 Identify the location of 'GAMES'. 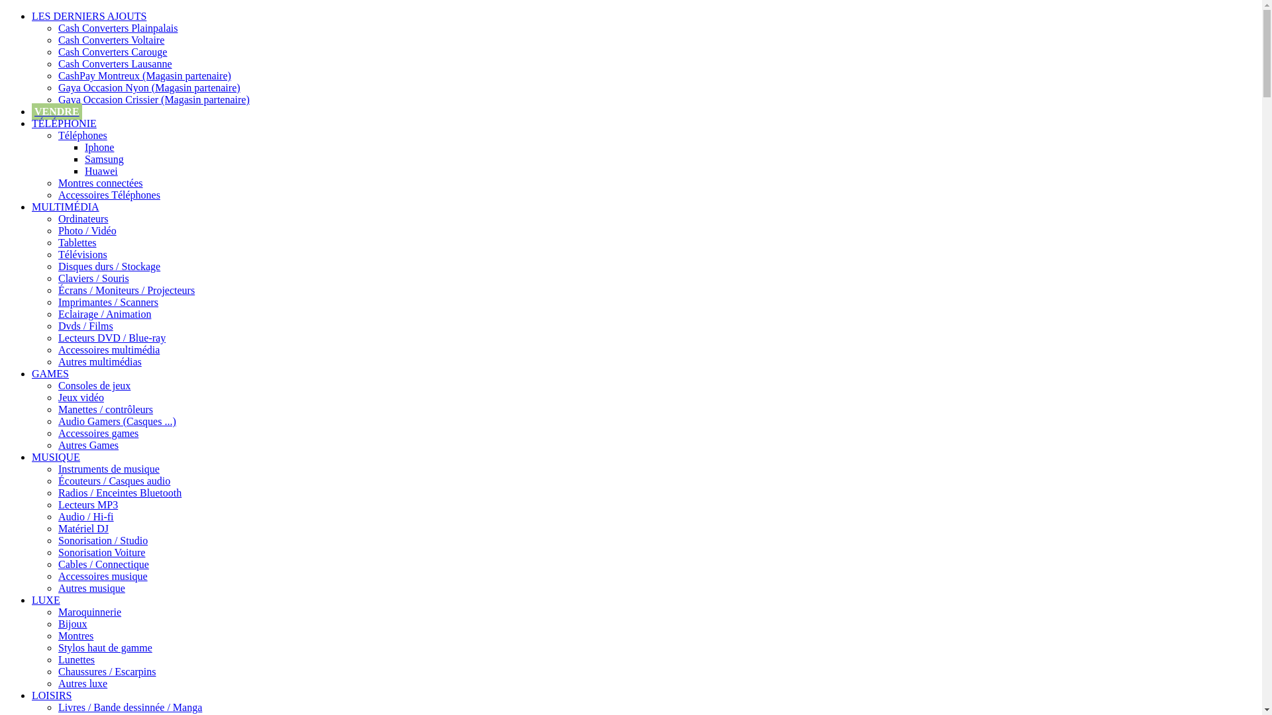
(50, 373).